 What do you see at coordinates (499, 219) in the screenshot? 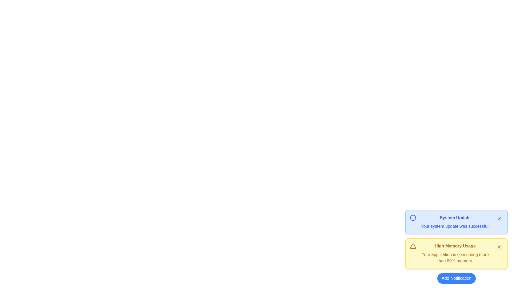
I see `the close button located in the top-right corner of the 'System Update' notification box` at bounding box center [499, 219].